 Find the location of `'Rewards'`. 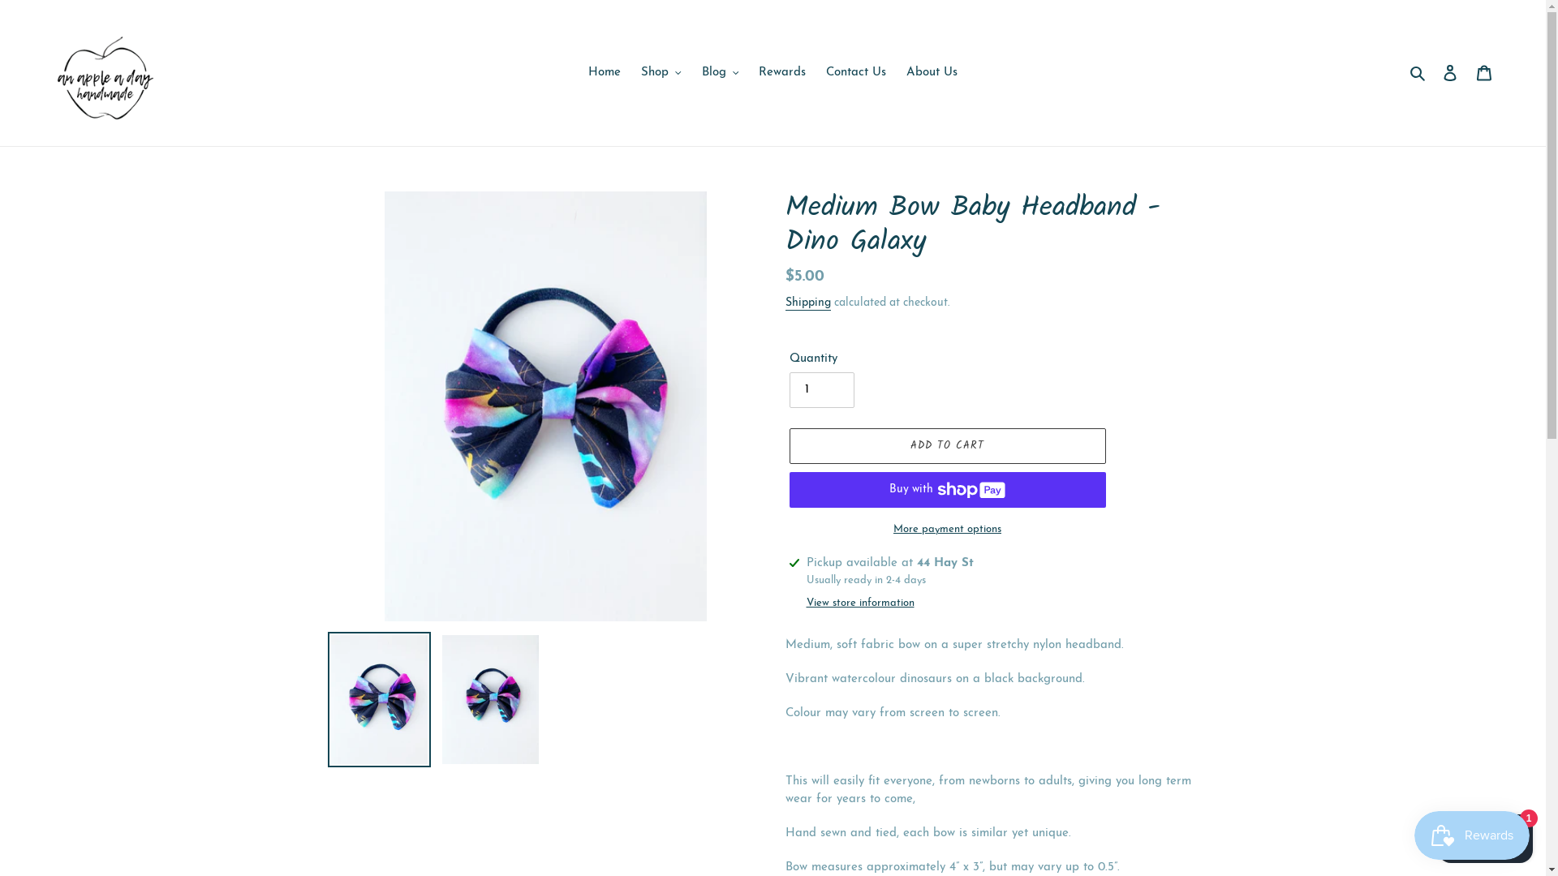

'Rewards' is located at coordinates (782, 73).